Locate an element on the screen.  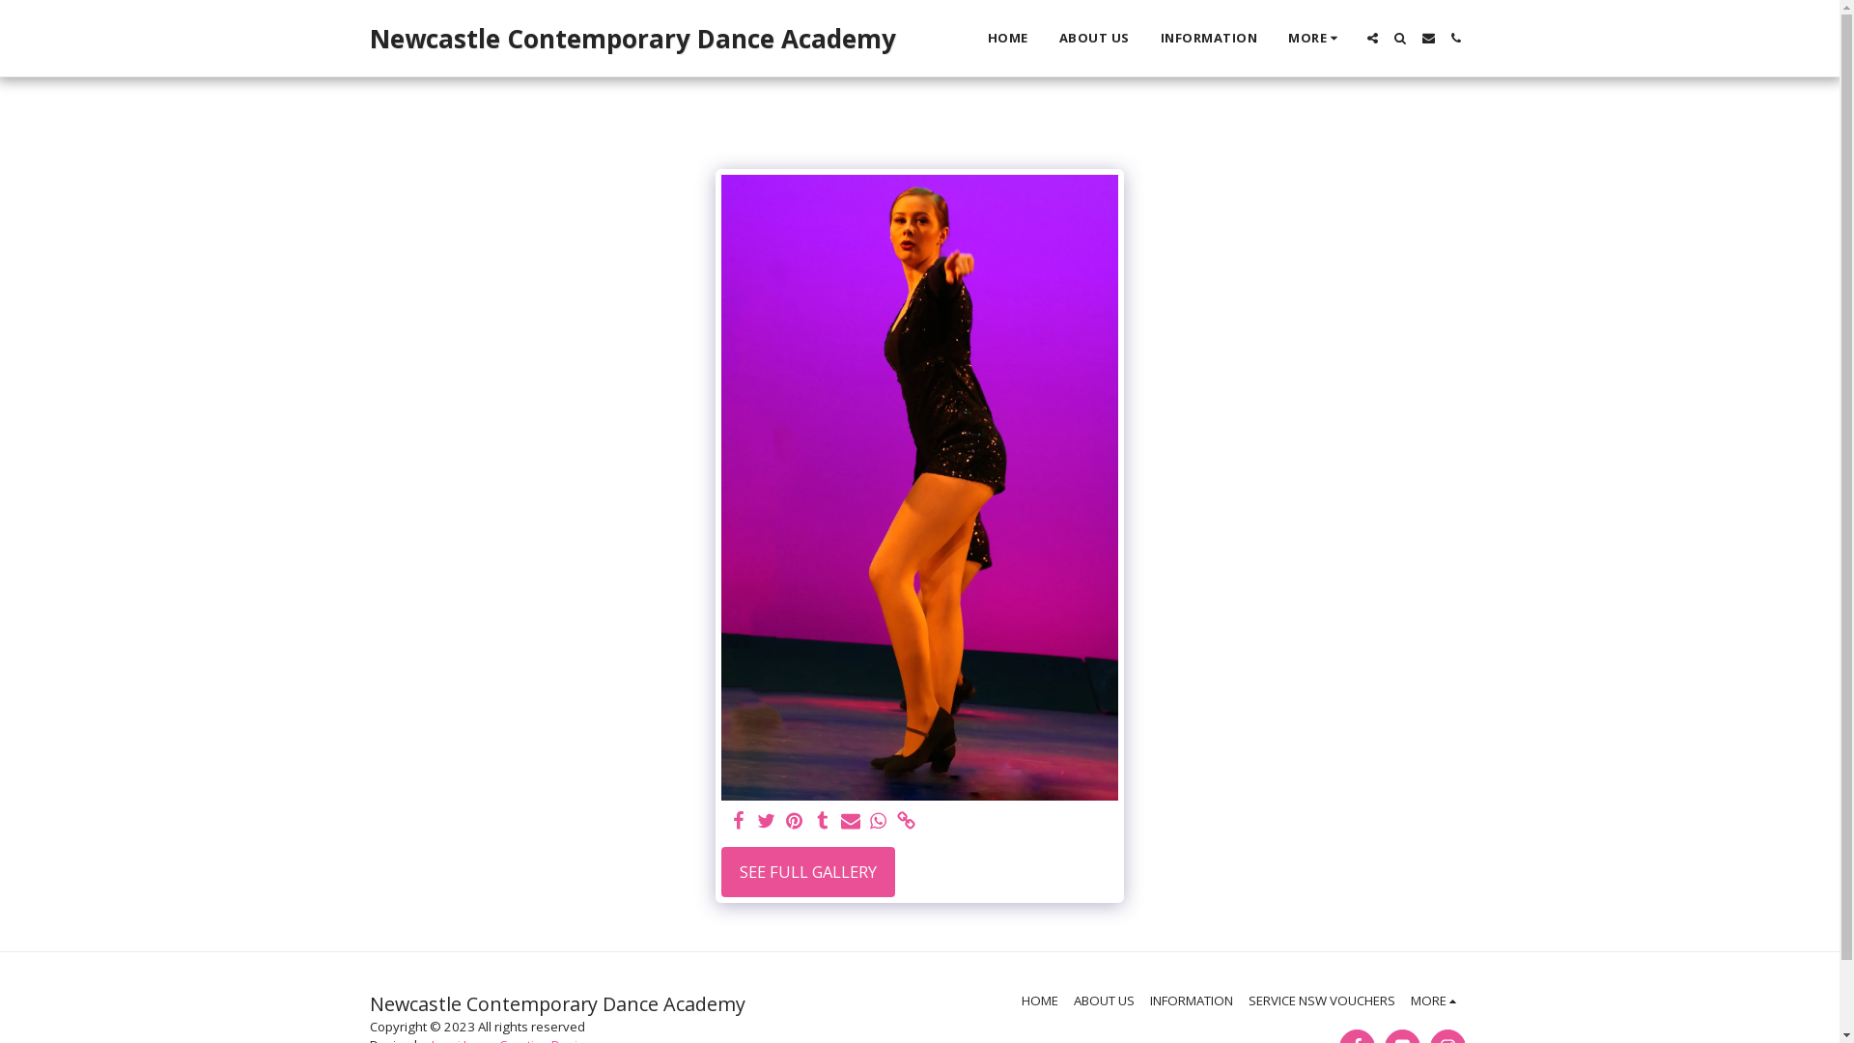
'HOME' is located at coordinates (1038, 1000).